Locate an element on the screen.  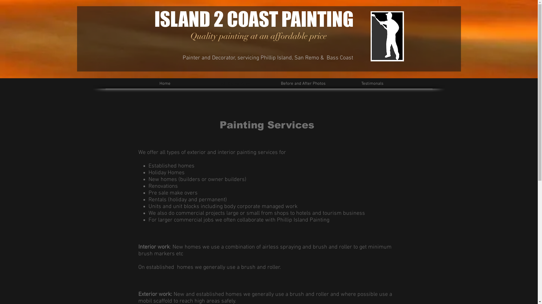
'Before and After Photos' is located at coordinates (303, 84).